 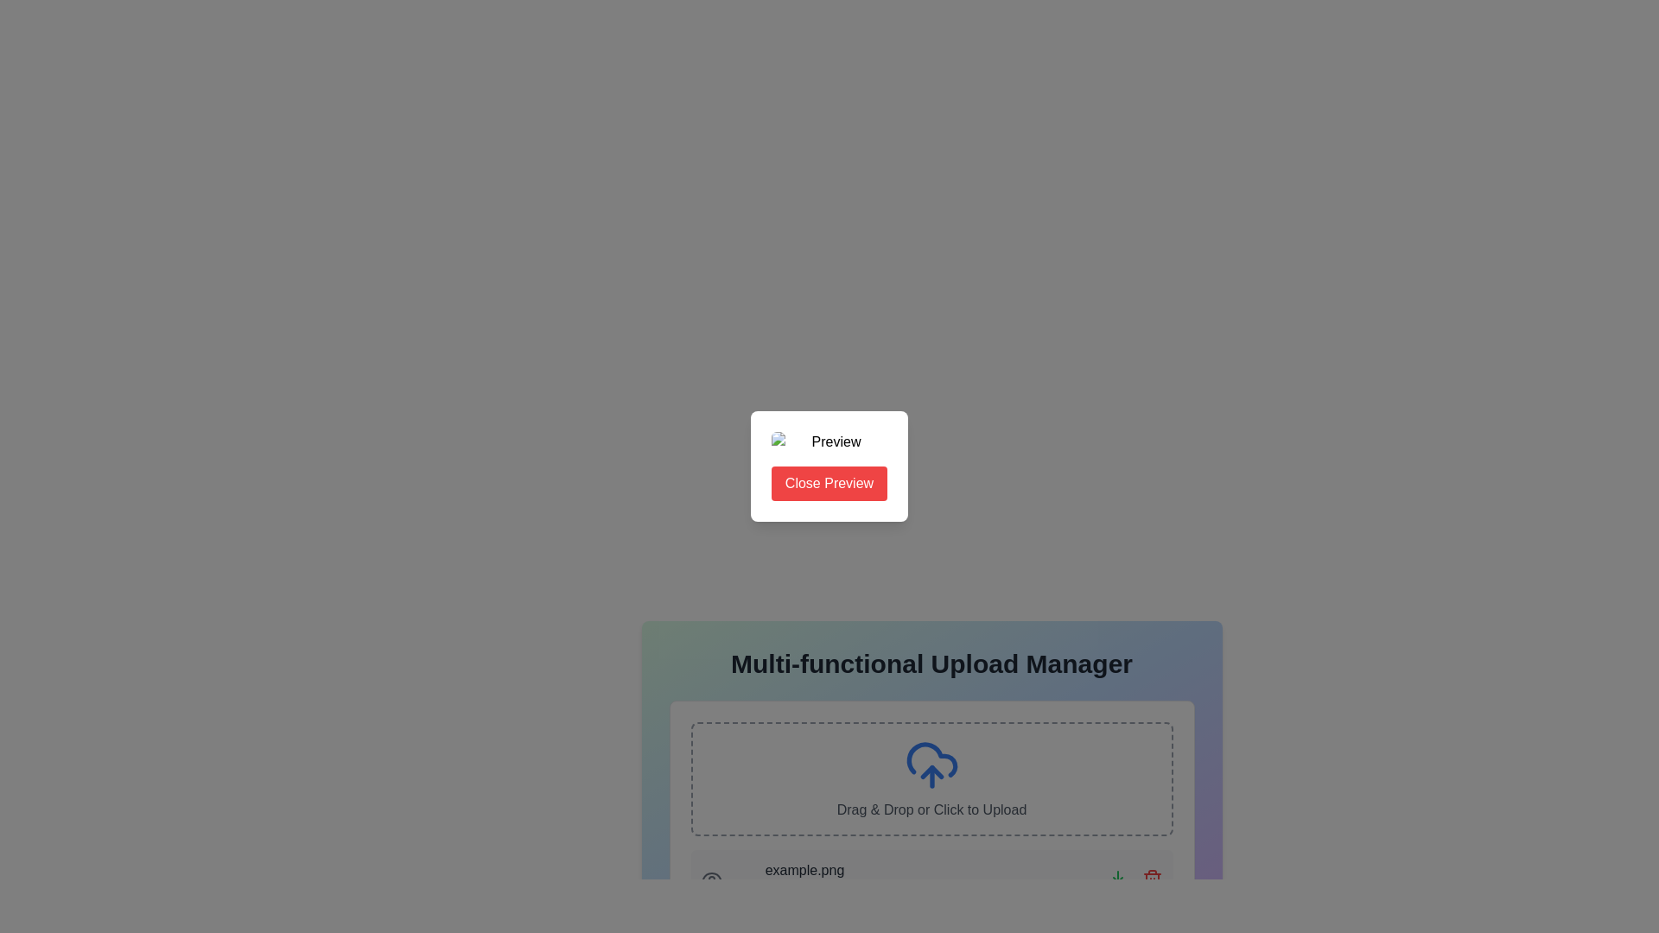 I want to click on and drop files, so click(x=931, y=739).